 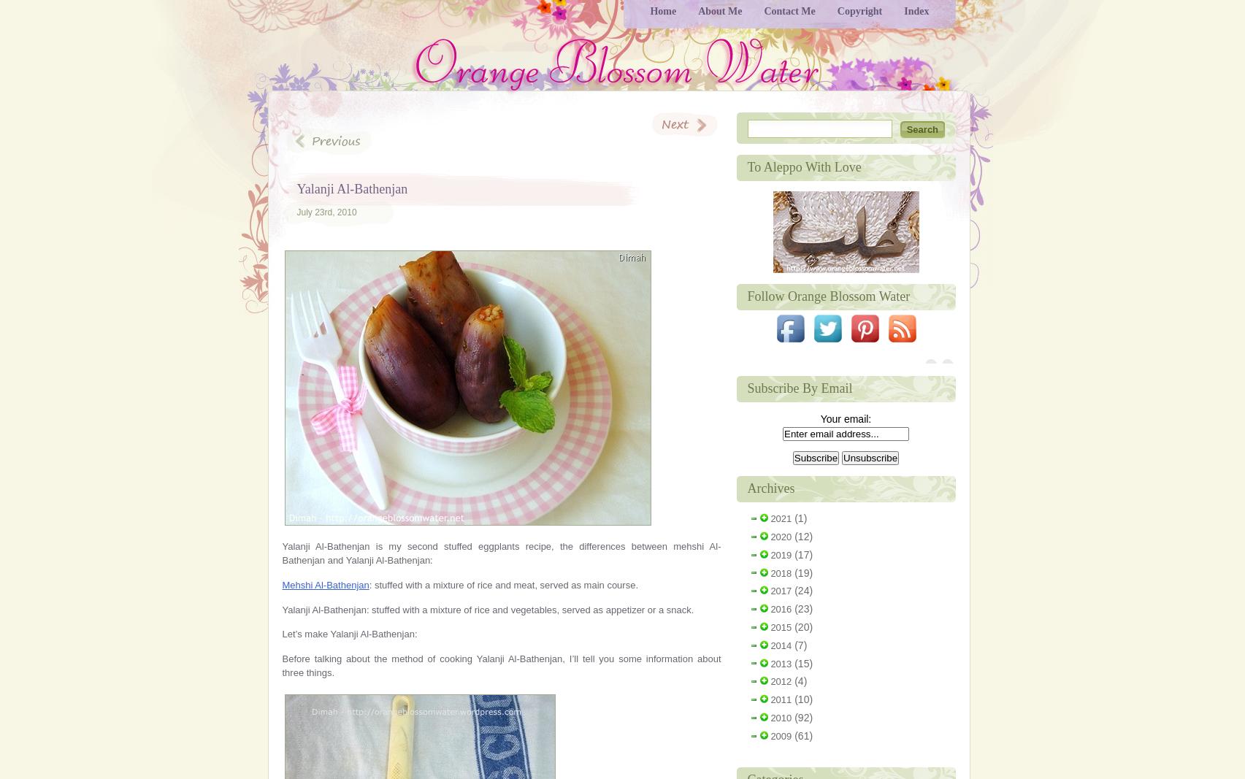 I want to click on 'Home', so click(x=662, y=10).